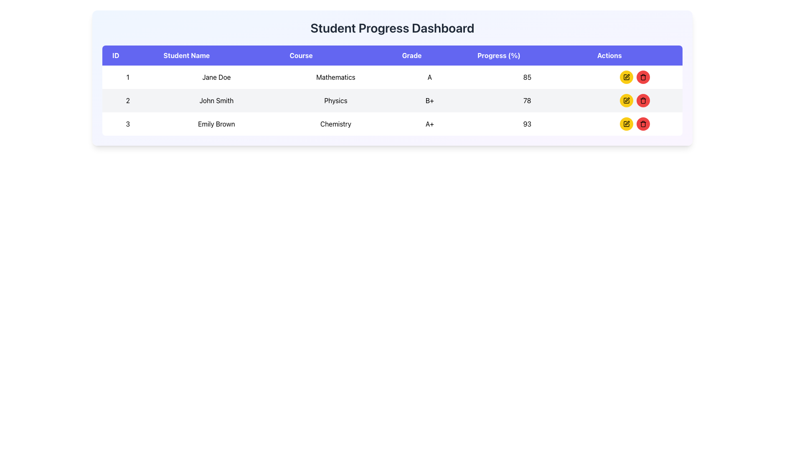 The height and width of the screenshot is (451, 802). I want to click on the delete icon within the red circular button in the Actions column of the third row, so click(642, 77).